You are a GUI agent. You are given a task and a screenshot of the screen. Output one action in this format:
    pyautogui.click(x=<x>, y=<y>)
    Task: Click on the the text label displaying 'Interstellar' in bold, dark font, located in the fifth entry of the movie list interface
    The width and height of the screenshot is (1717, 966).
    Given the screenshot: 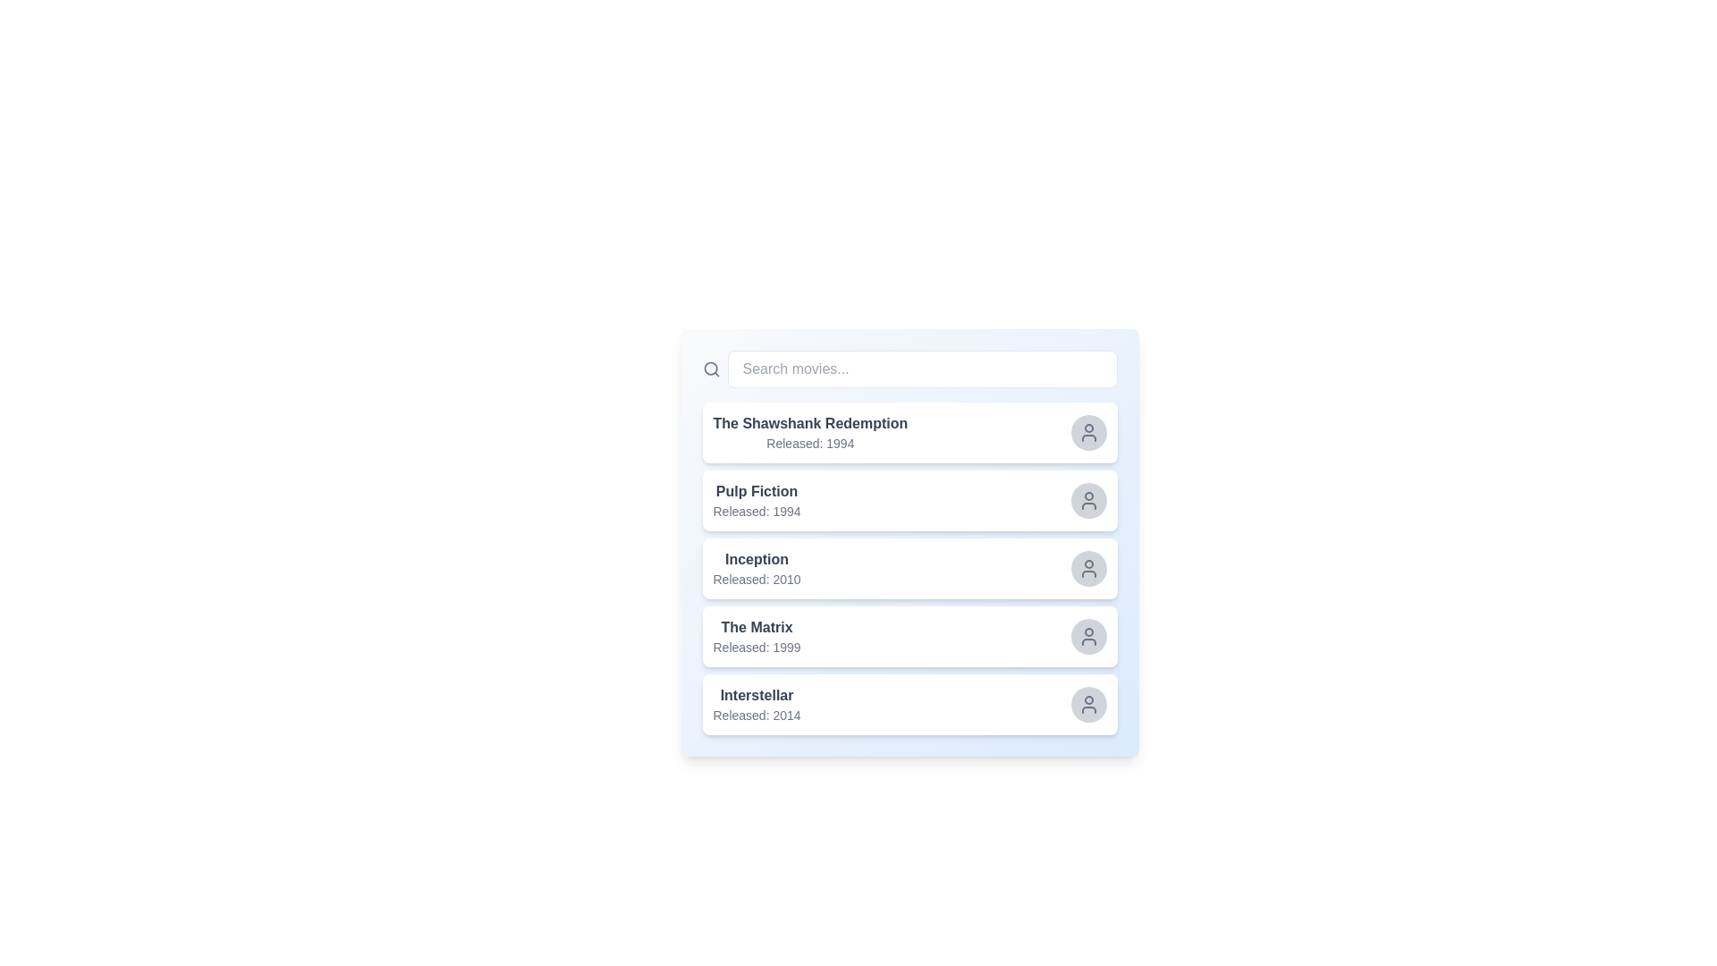 What is the action you would take?
    pyautogui.click(x=757, y=703)
    